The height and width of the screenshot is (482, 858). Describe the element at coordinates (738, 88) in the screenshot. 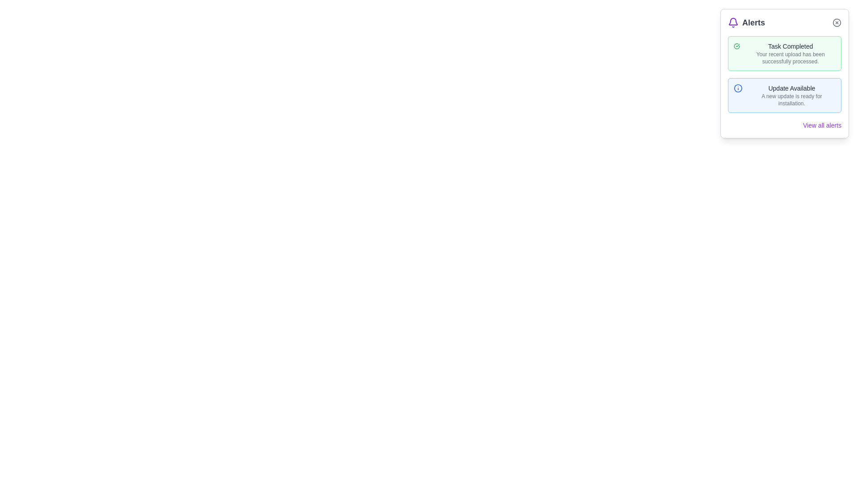

I see `the informational icon, which is a compact blue circle with an exclamation mark, located adjacent to the 'Update Available' text in the notification box` at that location.